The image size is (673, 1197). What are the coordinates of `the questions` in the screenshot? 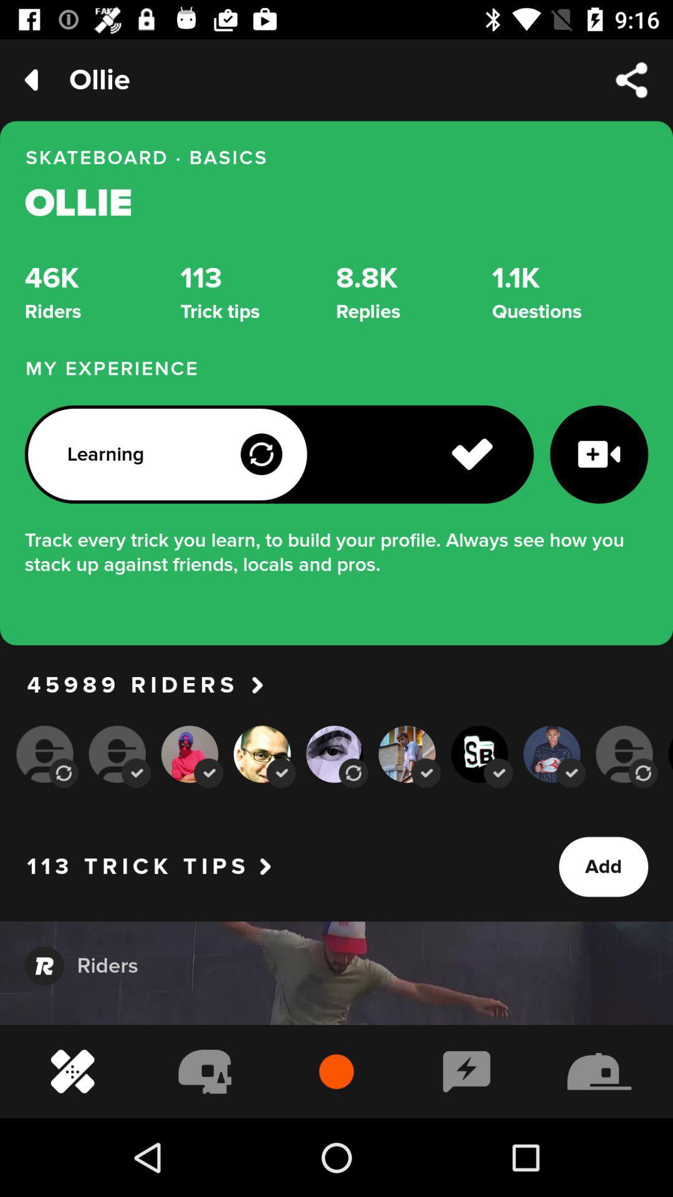 It's located at (570, 292).